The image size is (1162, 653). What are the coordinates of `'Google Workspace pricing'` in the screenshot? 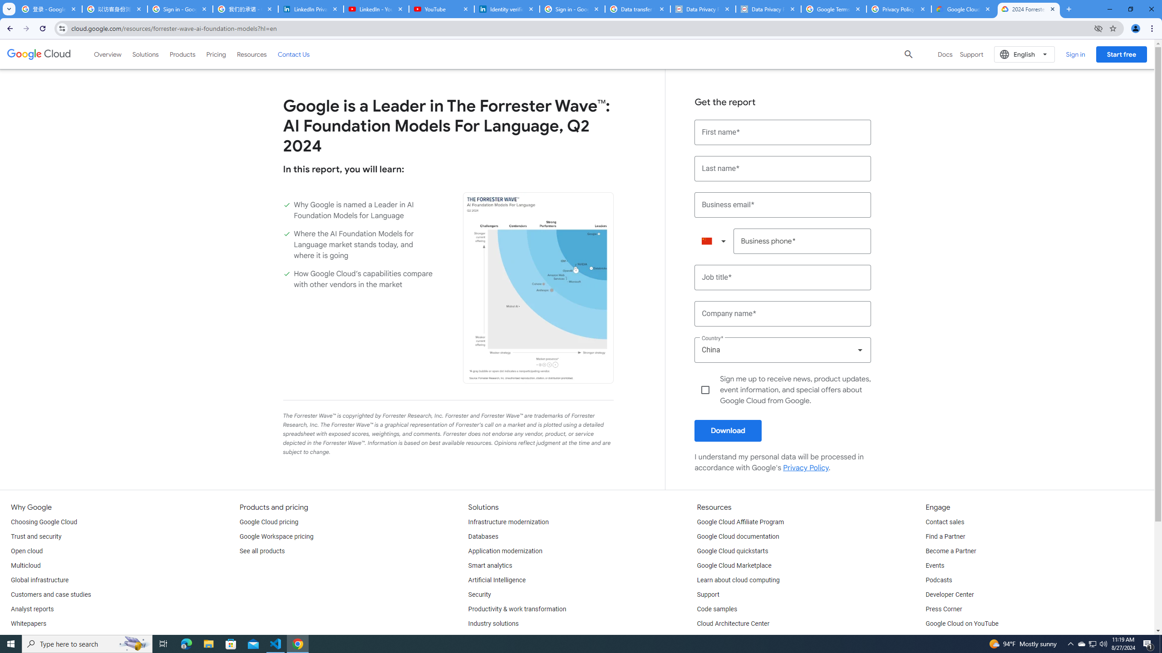 It's located at (276, 536).